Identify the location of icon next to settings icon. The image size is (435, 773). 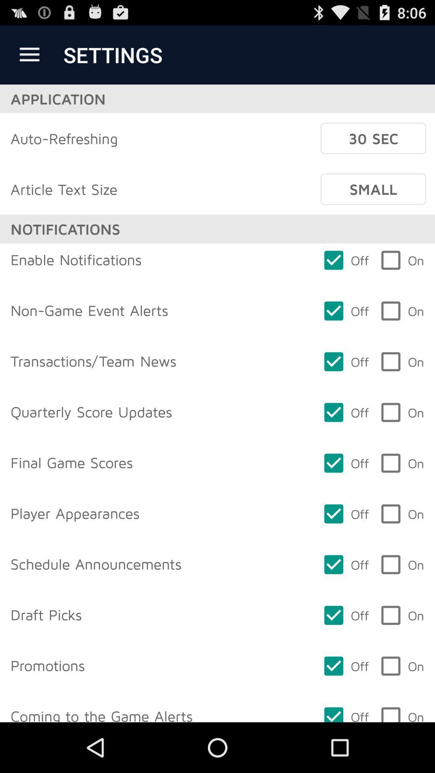
(29, 54).